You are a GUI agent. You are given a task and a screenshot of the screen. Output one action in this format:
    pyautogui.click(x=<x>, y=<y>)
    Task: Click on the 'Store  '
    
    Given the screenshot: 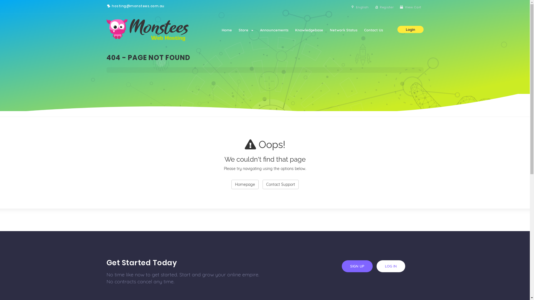 What is the action you would take?
    pyautogui.click(x=246, y=30)
    